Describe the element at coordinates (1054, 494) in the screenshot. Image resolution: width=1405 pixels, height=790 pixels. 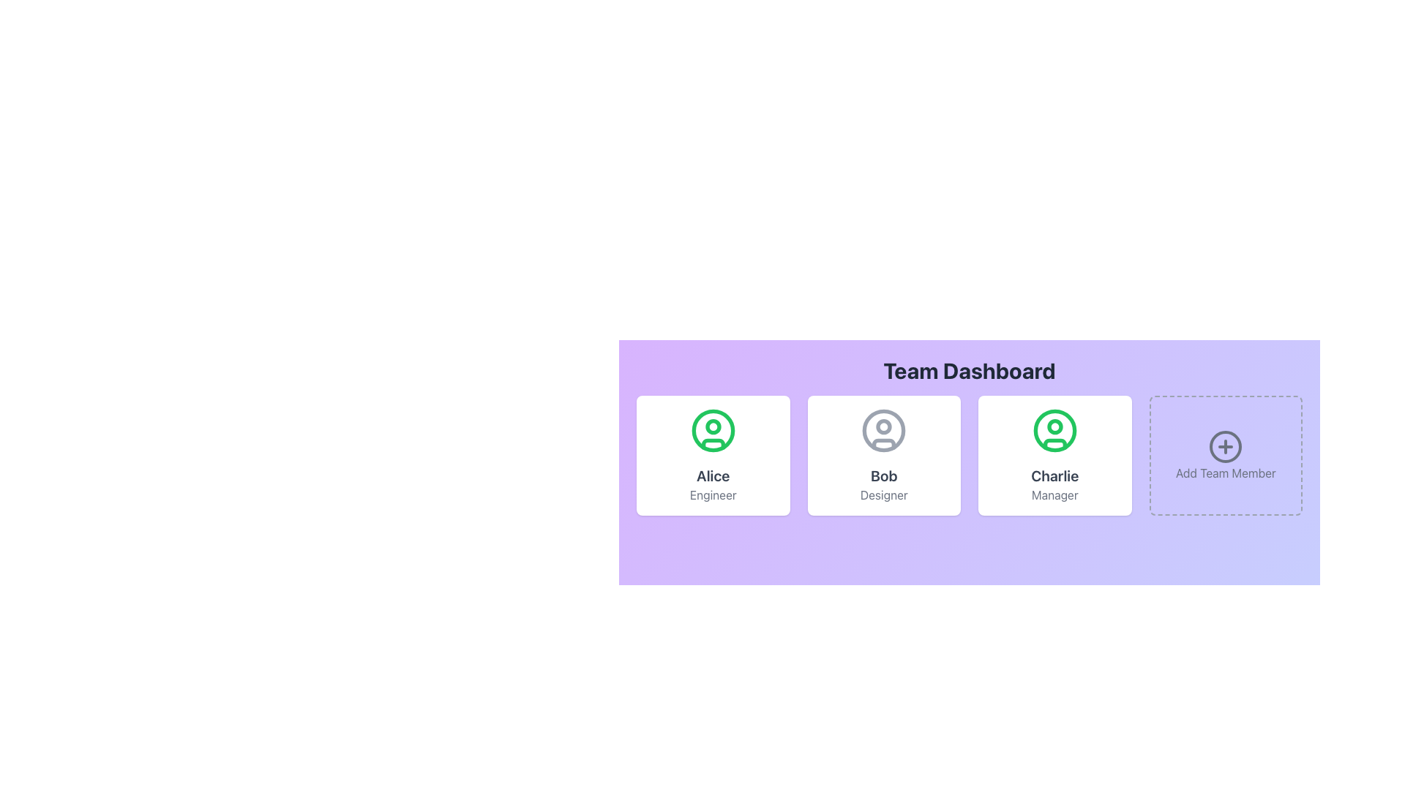
I see `the text label indicating the role or title of 'Charlie' in the team, which is positioned below the 'Charlie' label in the third card of the dashboard` at that location.